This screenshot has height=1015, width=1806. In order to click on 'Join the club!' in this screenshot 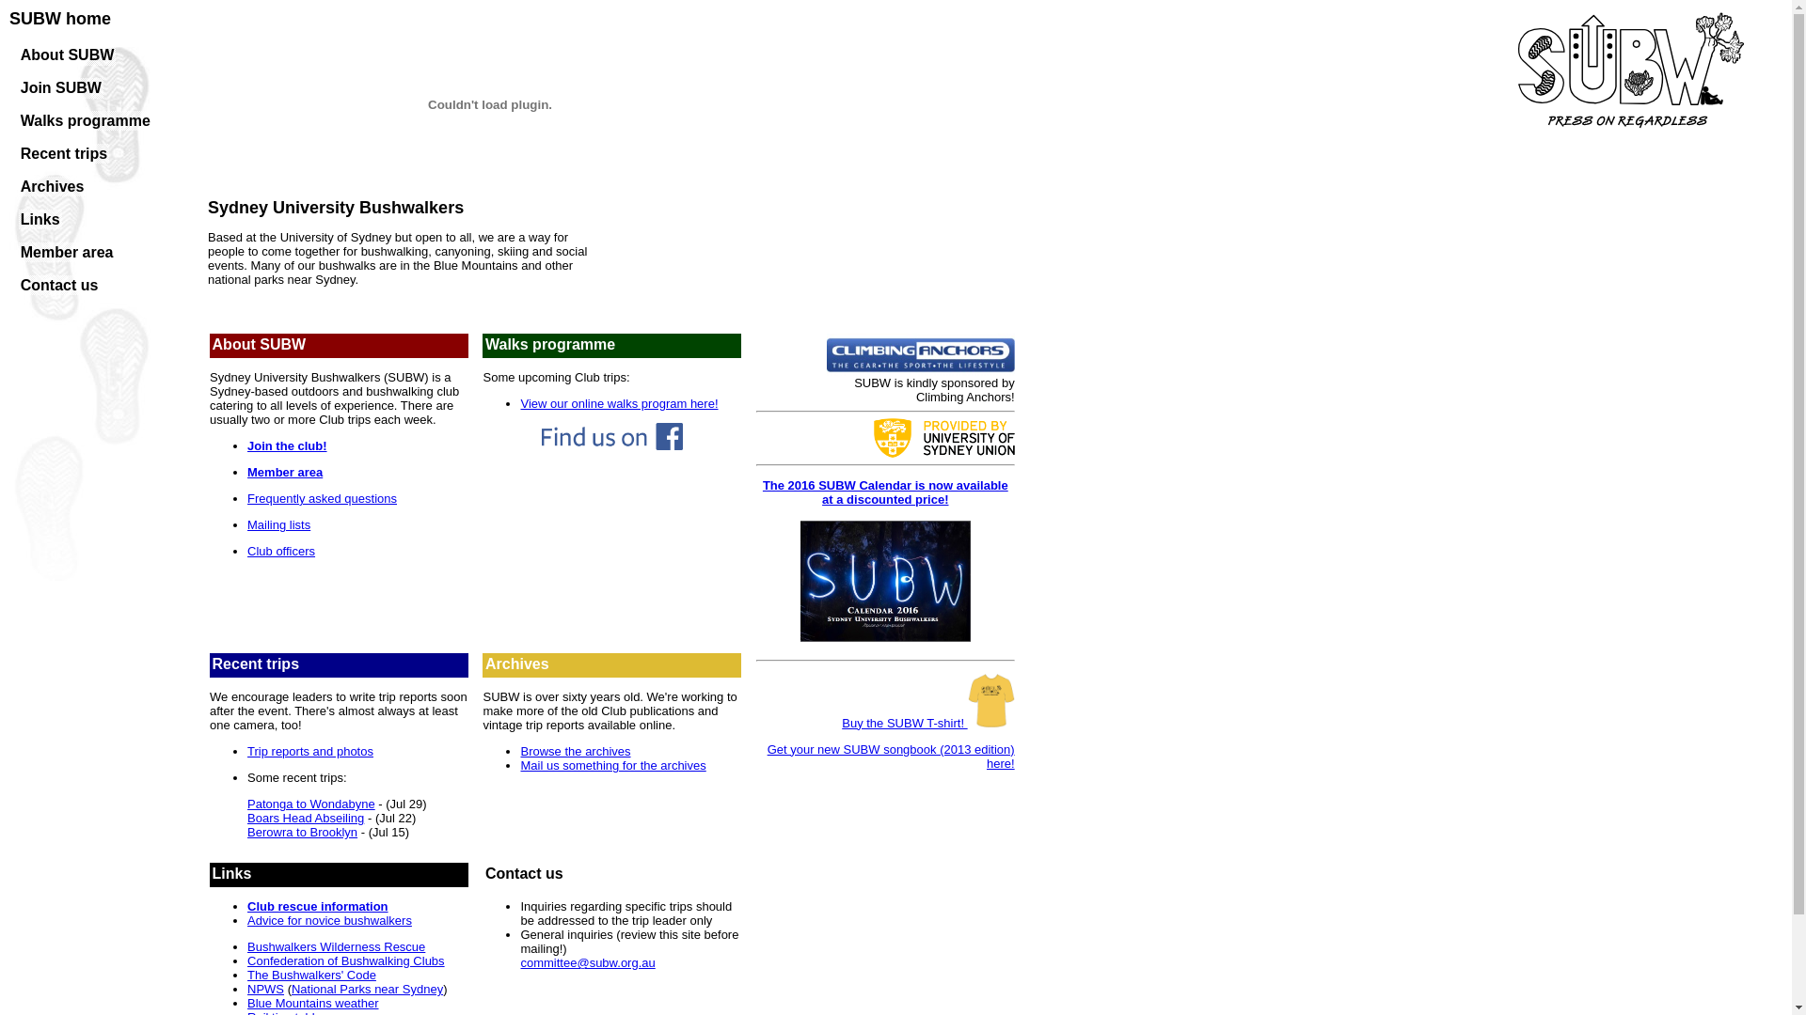, I will do `click(286, 445)`.